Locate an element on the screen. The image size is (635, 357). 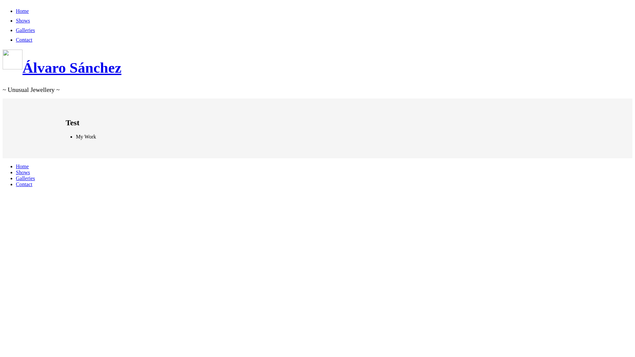
'Home' is located at coordinates (22, 11).